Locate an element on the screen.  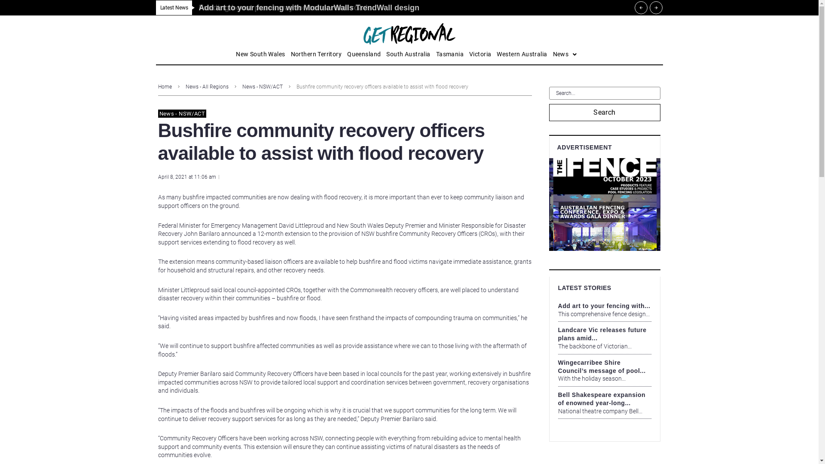
'Search for:' is located at coordinates (604, 93).